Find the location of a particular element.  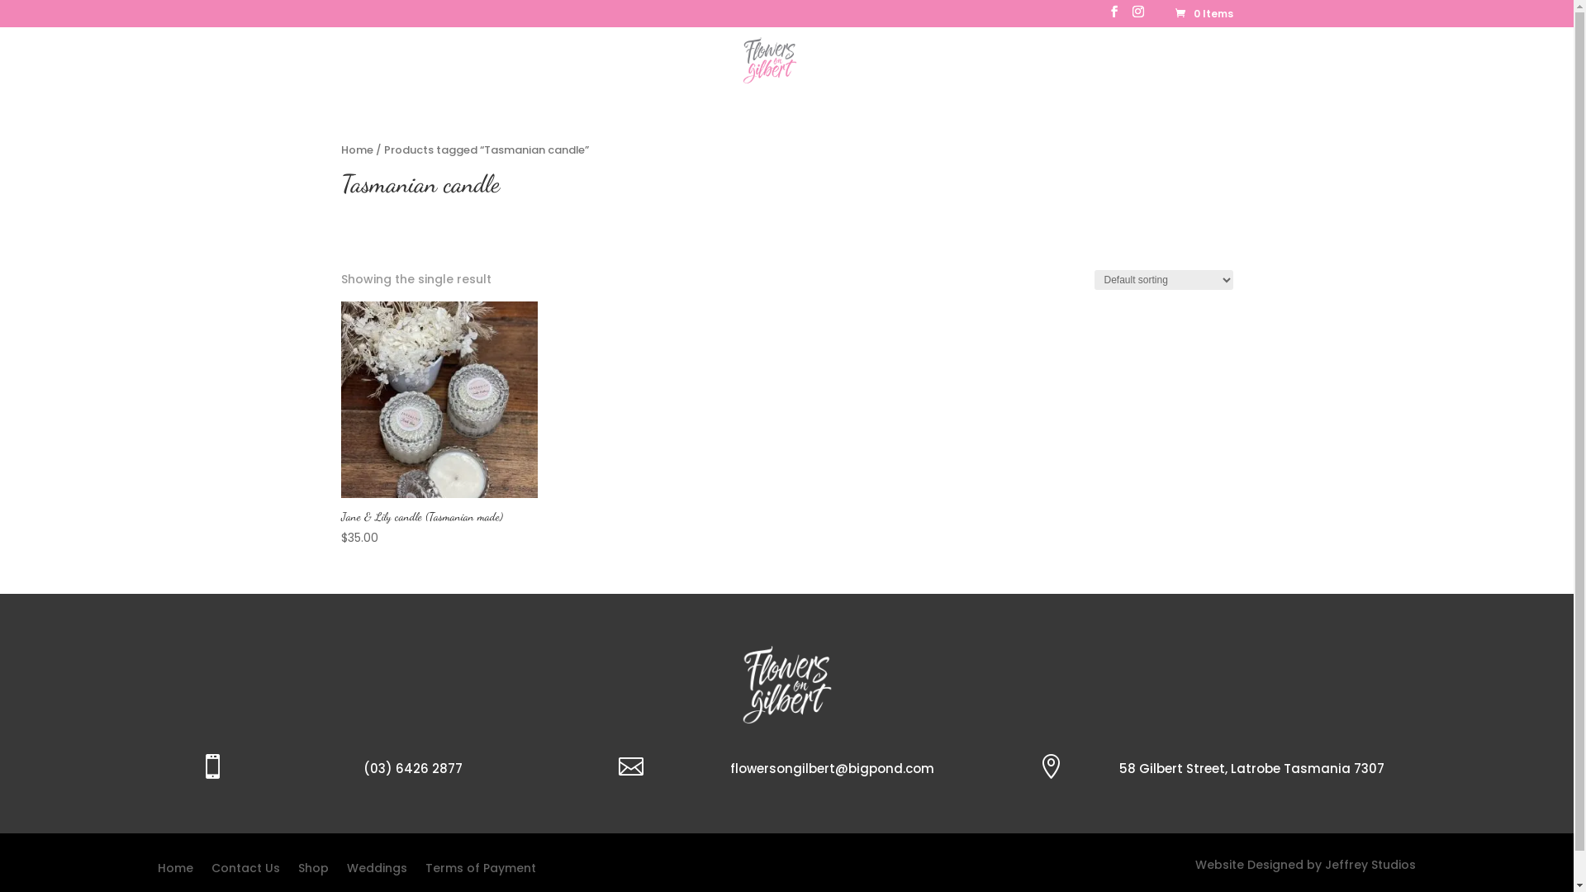

'flowersongilbert@bigpond.com' is located at coordinates (832, 768).